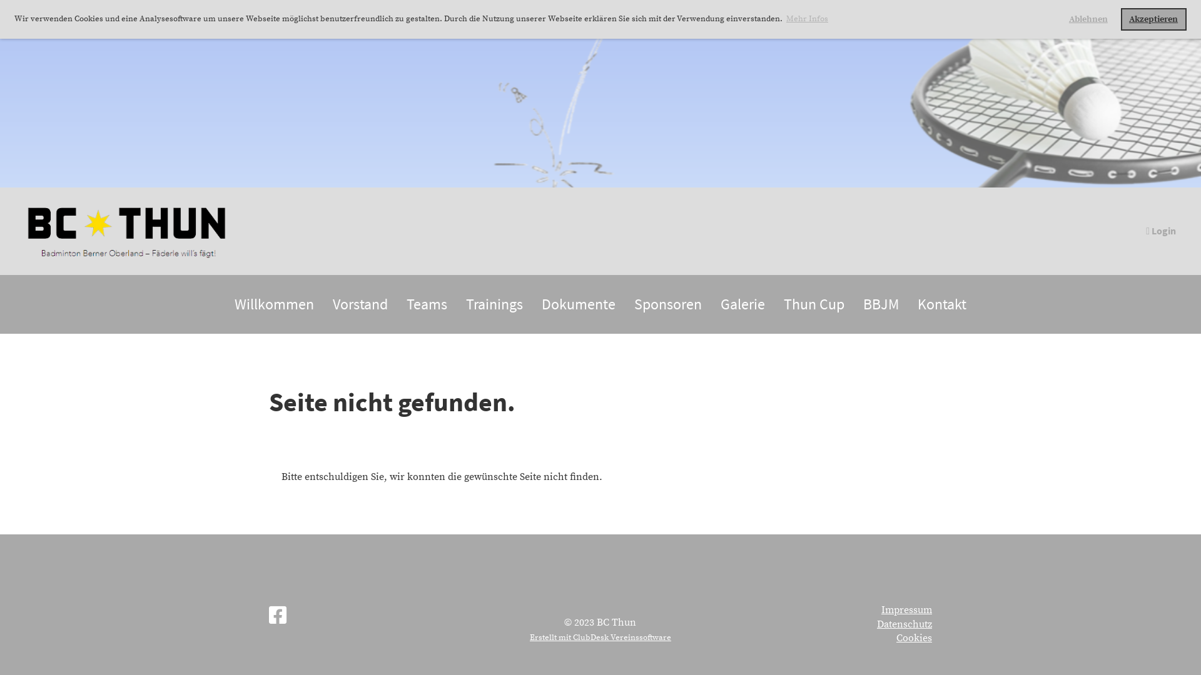  What do you see at coordinates (876, 624) in the screenshot?
I see `'Datenschutz'` at bounding box center [876, 624].